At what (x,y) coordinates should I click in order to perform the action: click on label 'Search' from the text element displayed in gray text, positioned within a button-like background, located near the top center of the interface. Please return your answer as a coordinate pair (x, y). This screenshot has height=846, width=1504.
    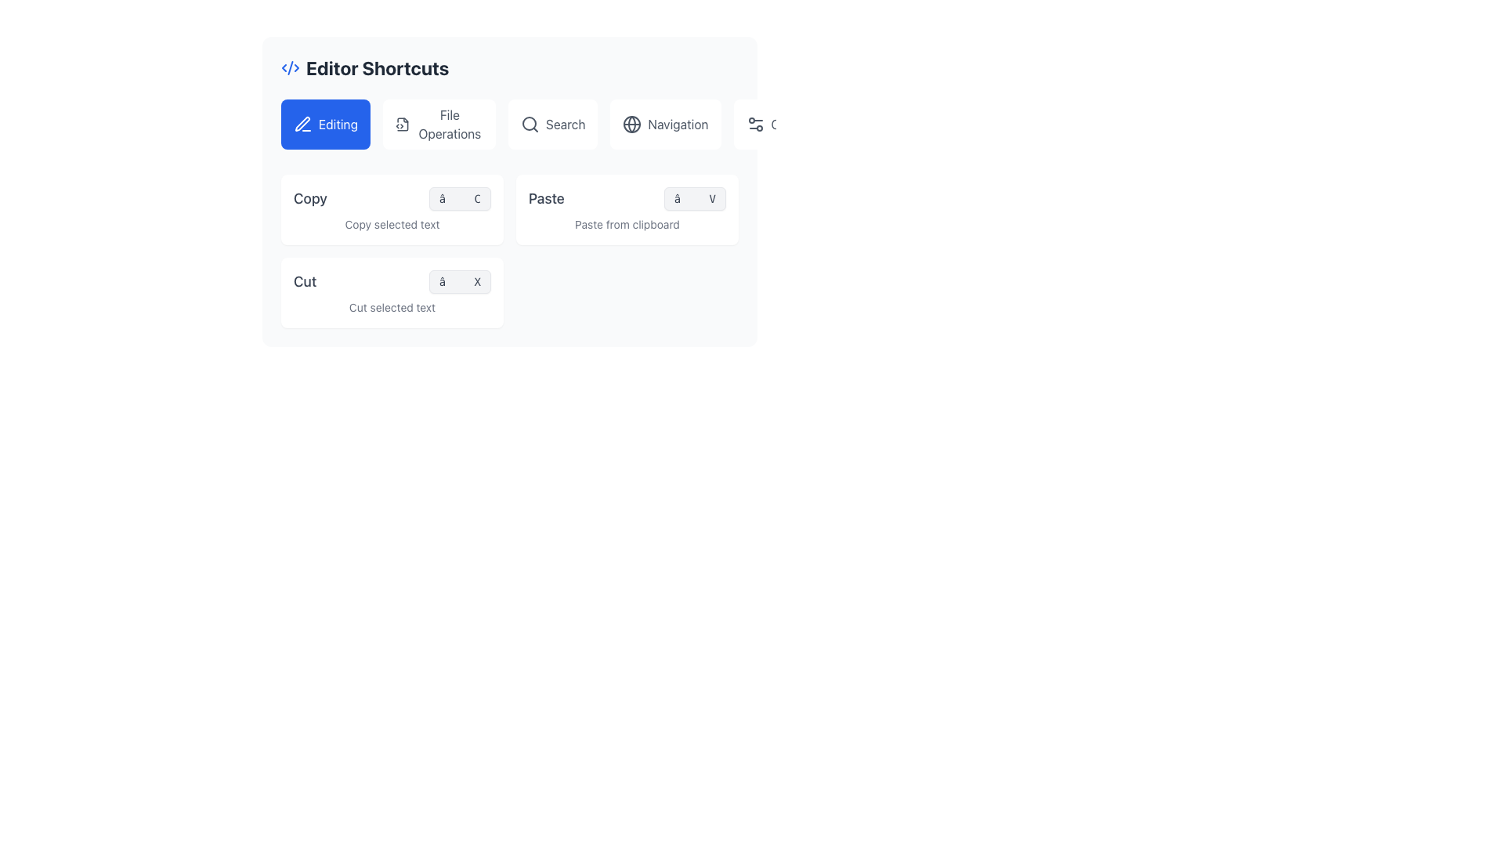
    Looking at the image, I should click on (565, 123).